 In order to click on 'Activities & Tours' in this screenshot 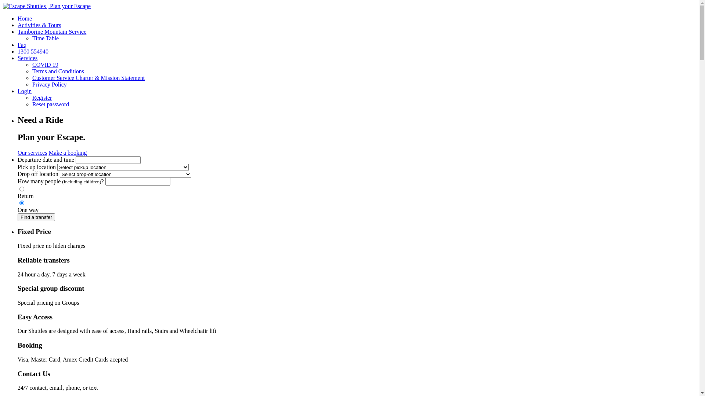, I will do `click(18, 25)`.